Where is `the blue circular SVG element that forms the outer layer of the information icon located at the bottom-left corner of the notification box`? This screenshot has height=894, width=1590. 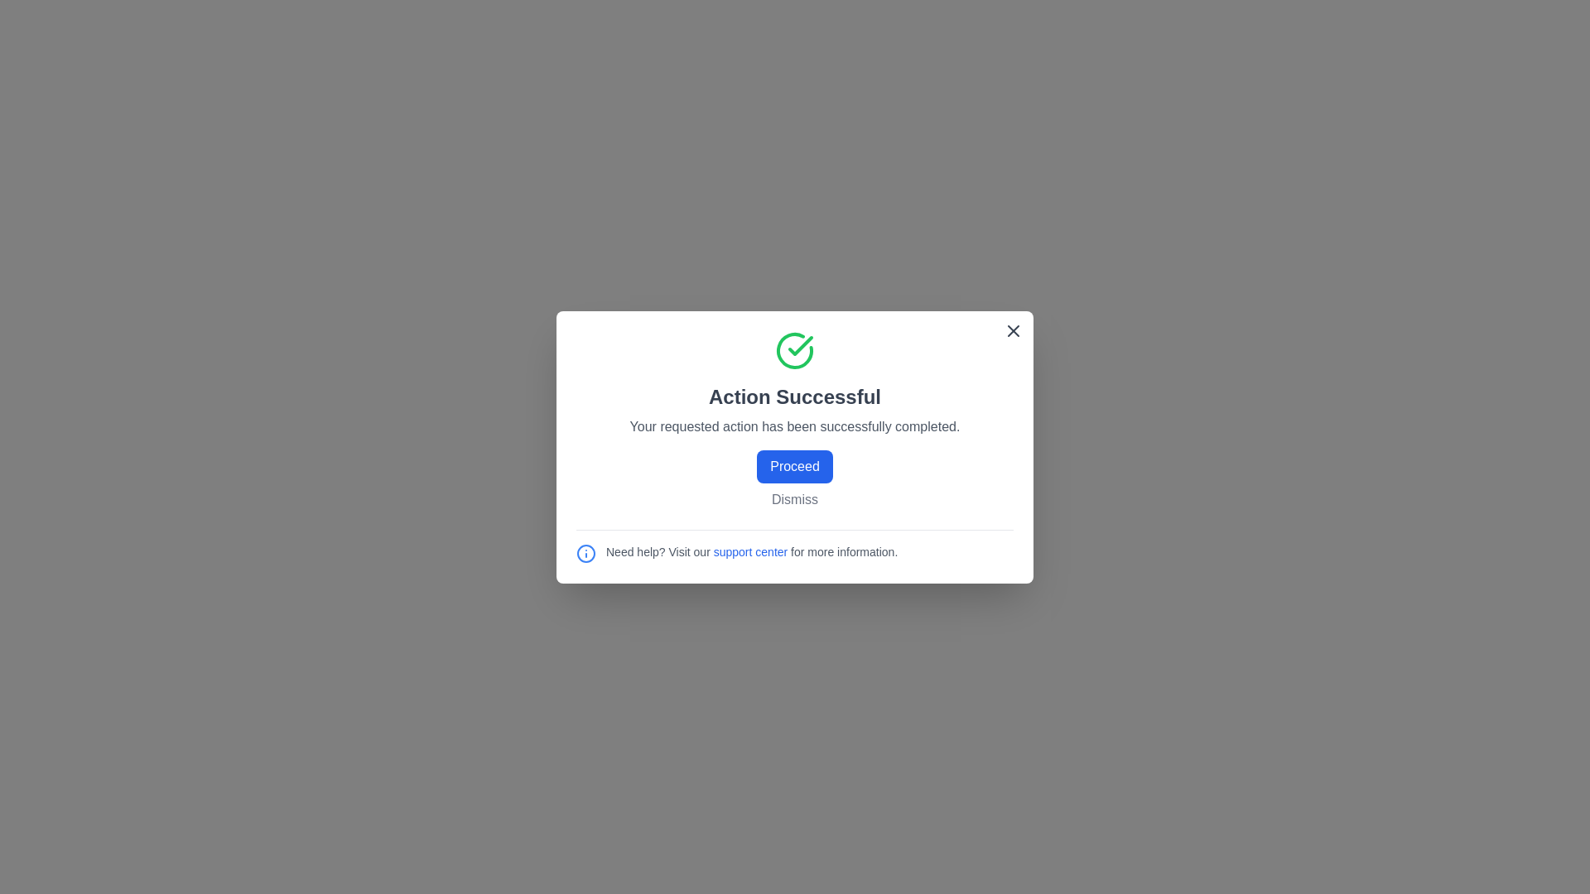 the blue circular SVG element that forms the outer layer of the information icon located at the bottom-left corner of the notification box is located at coordinates (586, 553).